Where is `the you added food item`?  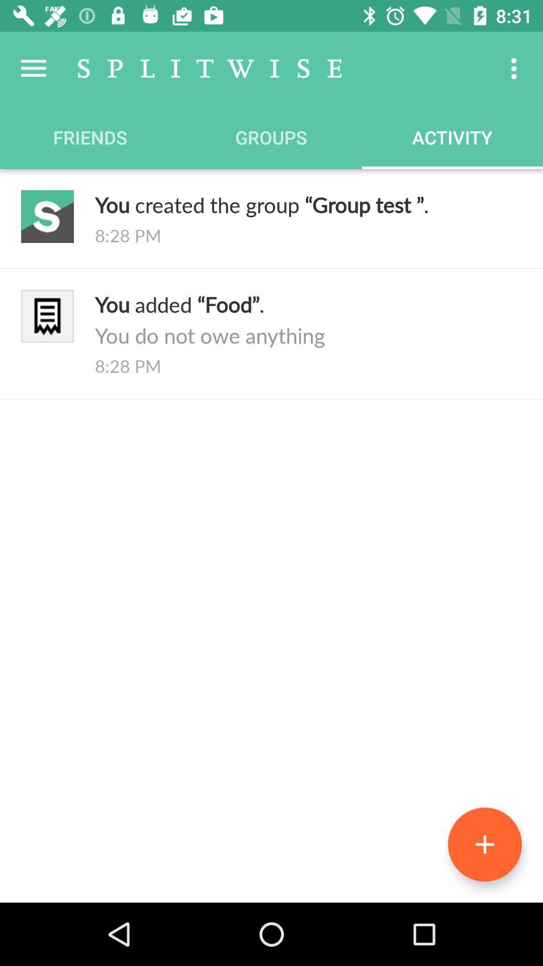
the you added food item is located at coordinates (308, 319).